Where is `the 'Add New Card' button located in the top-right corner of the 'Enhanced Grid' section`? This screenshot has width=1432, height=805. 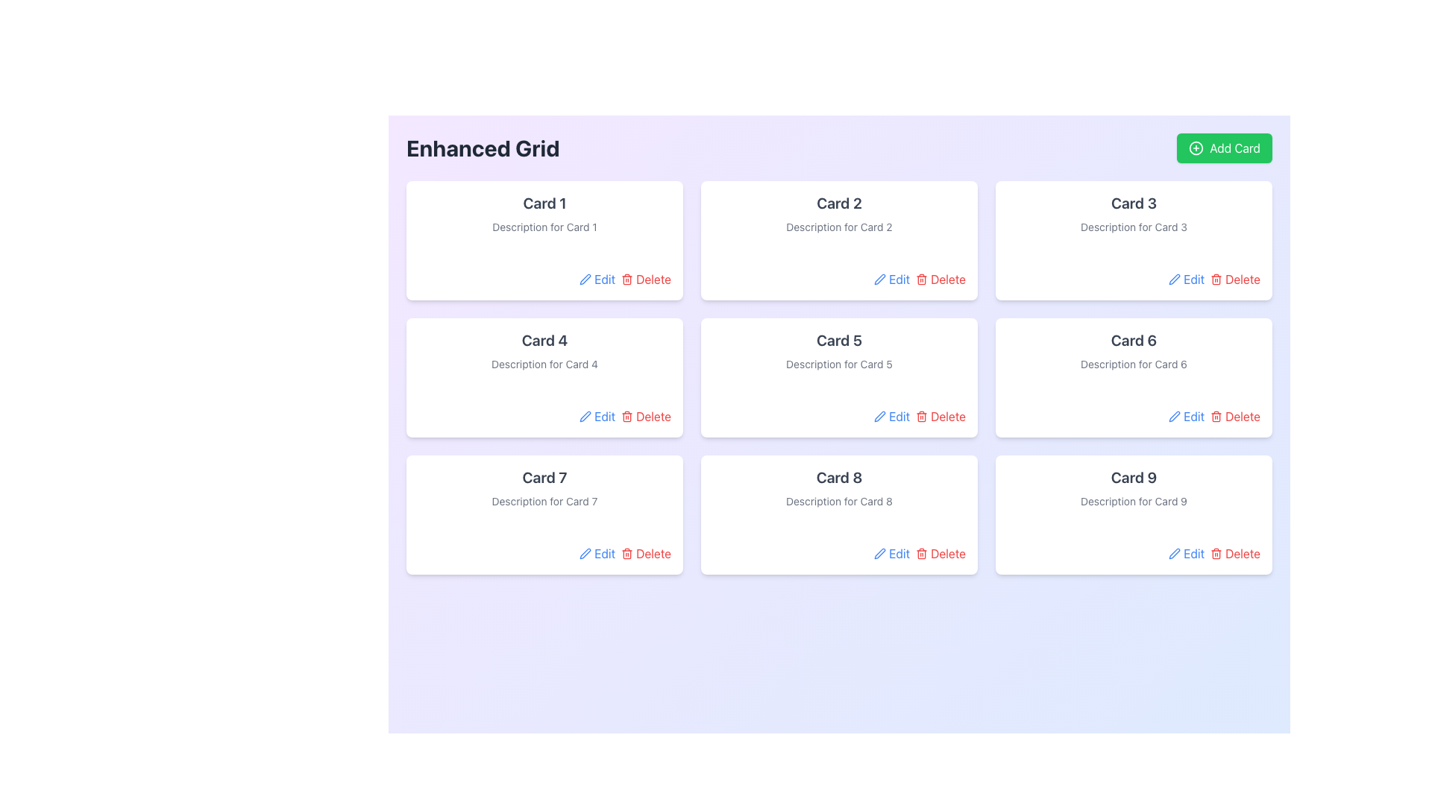 the 'Add New Card' button located in the top-right corner of the 'Enhanced Grid' section is located at coordinates (1224, 148).